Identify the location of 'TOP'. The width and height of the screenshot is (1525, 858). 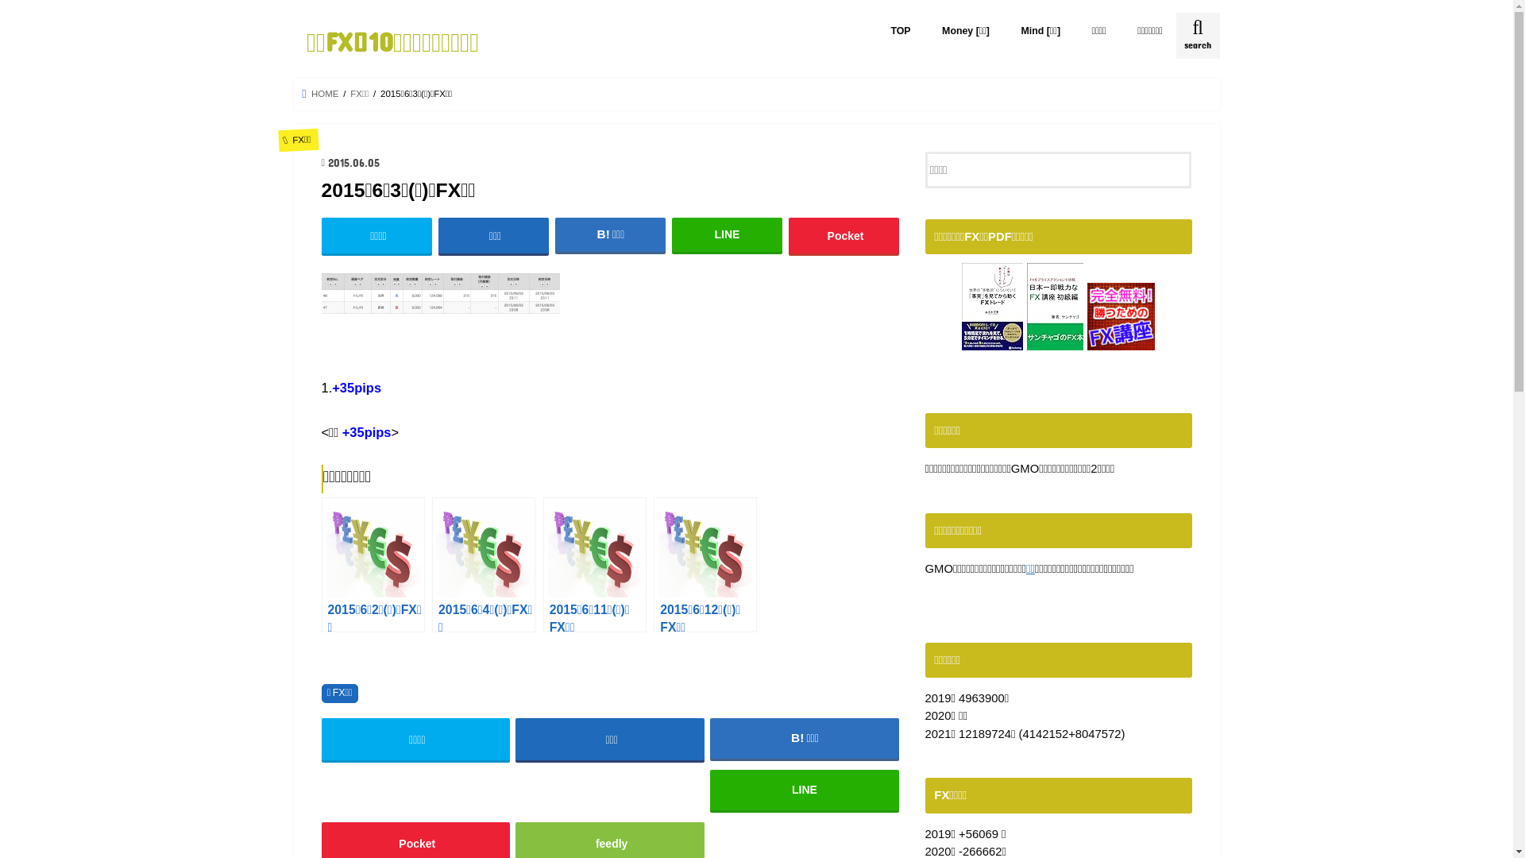
(901, 30).